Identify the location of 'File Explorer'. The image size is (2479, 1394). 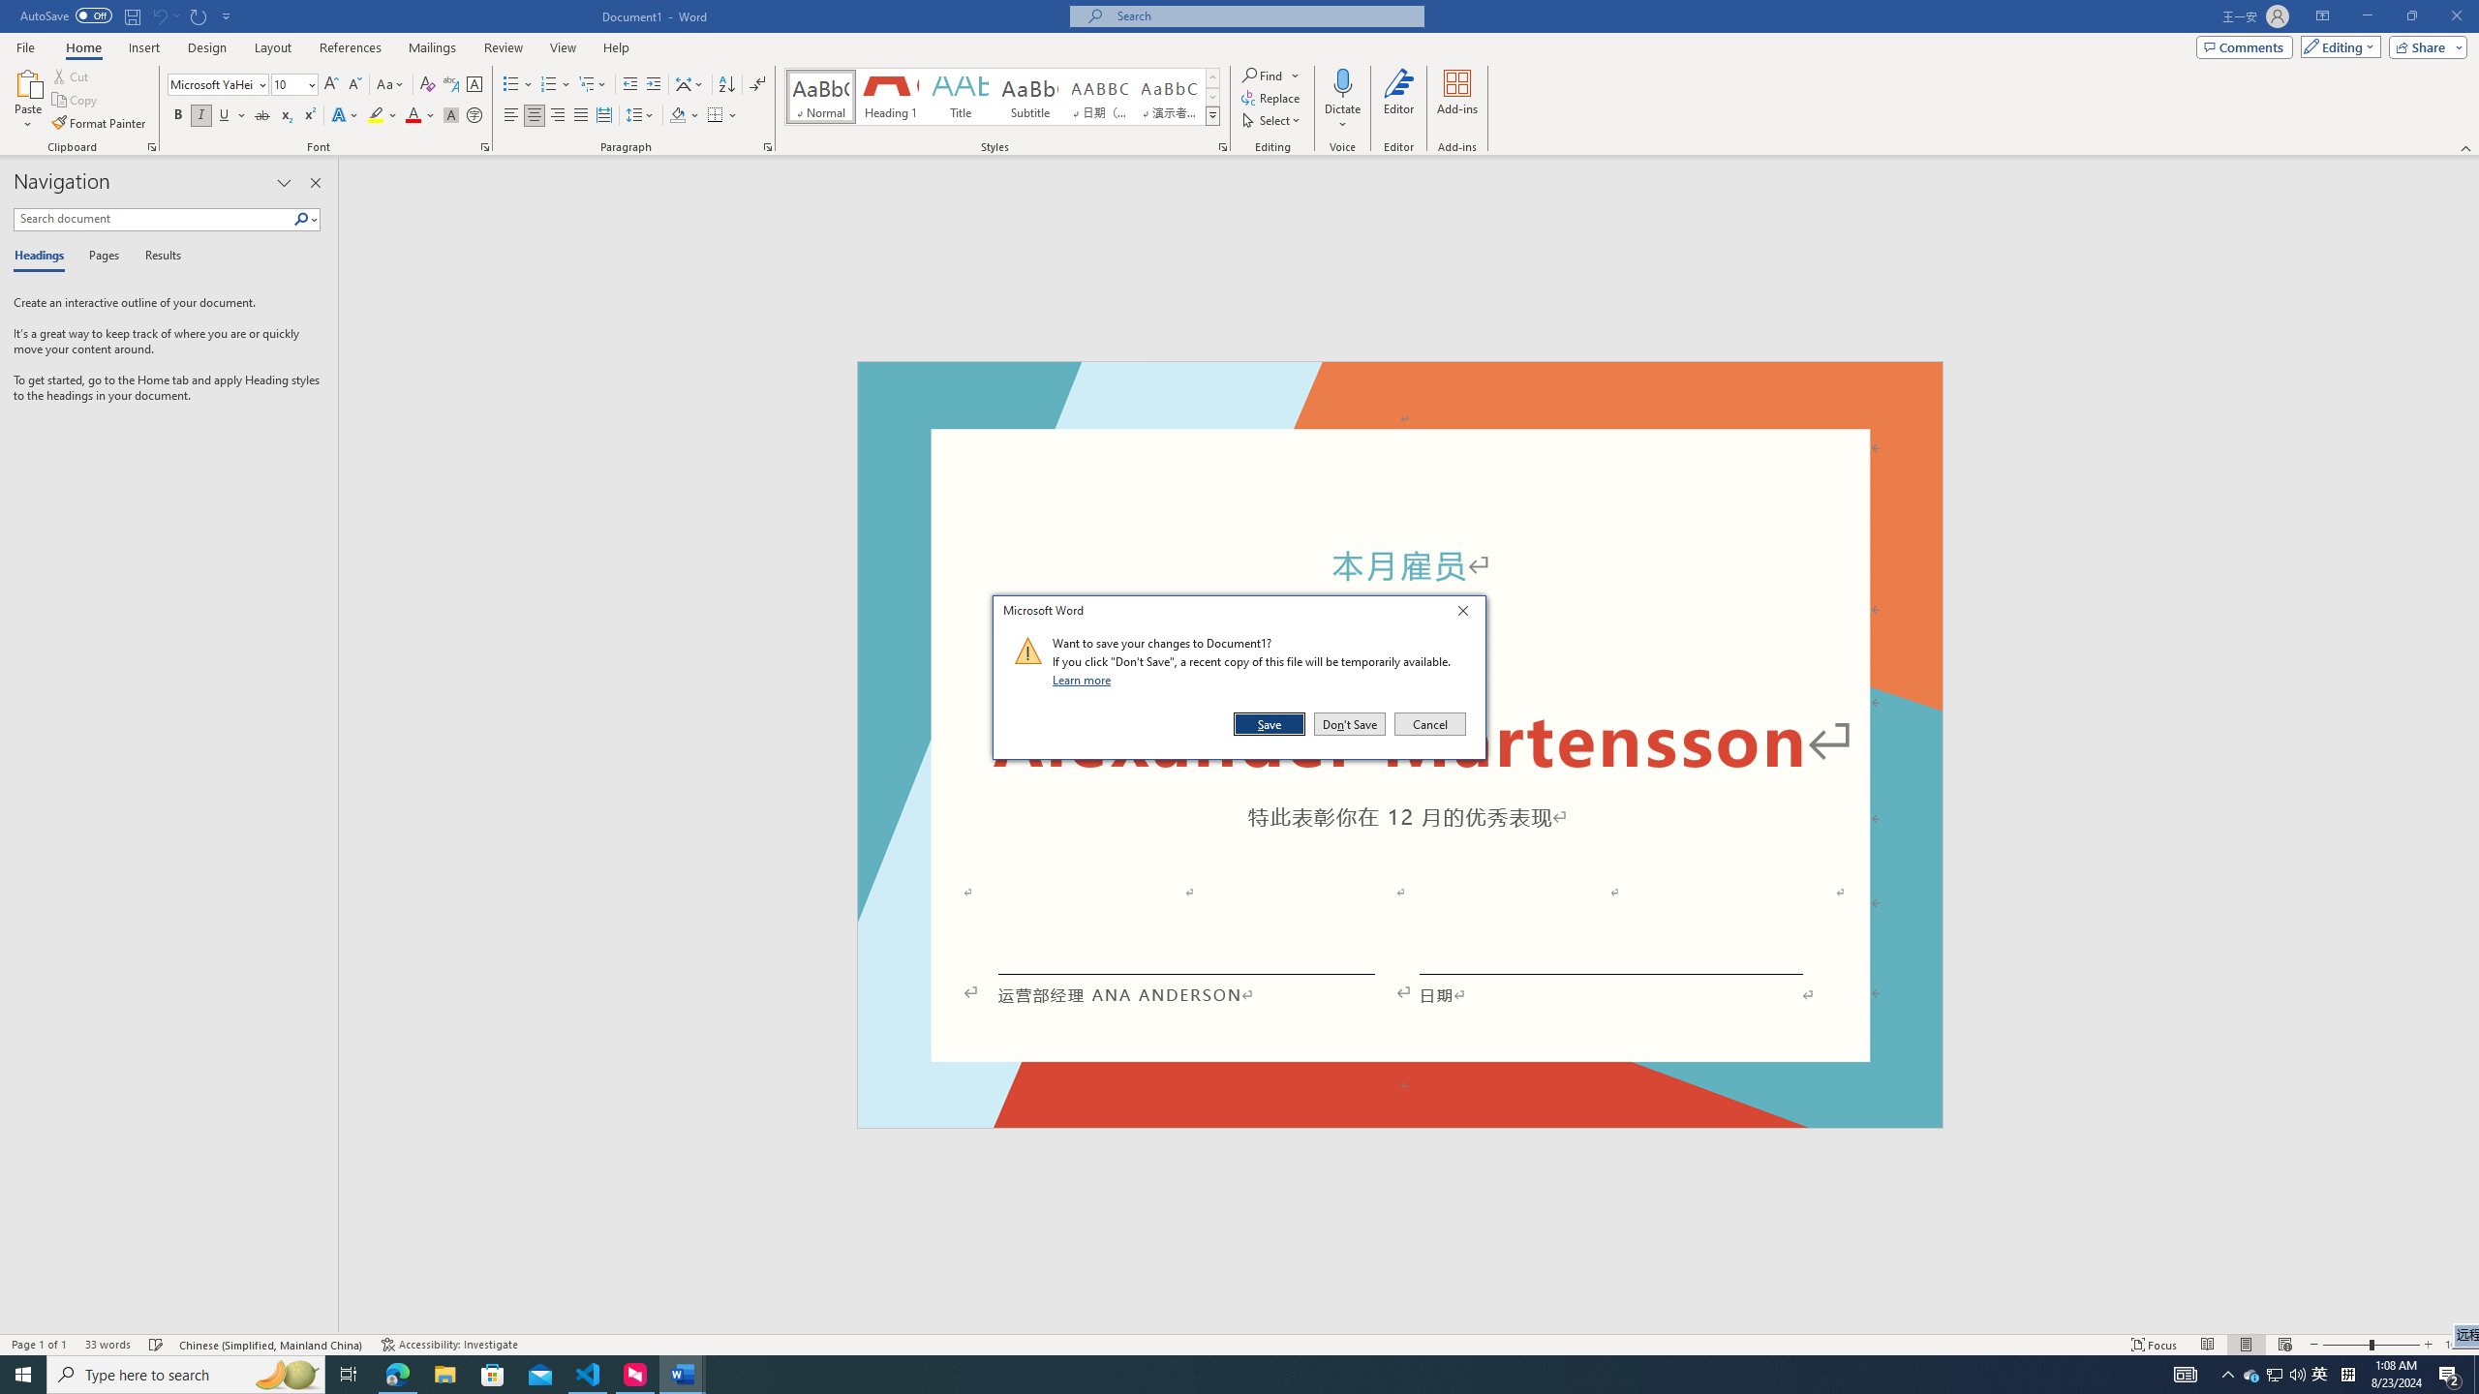
(444, 1373).